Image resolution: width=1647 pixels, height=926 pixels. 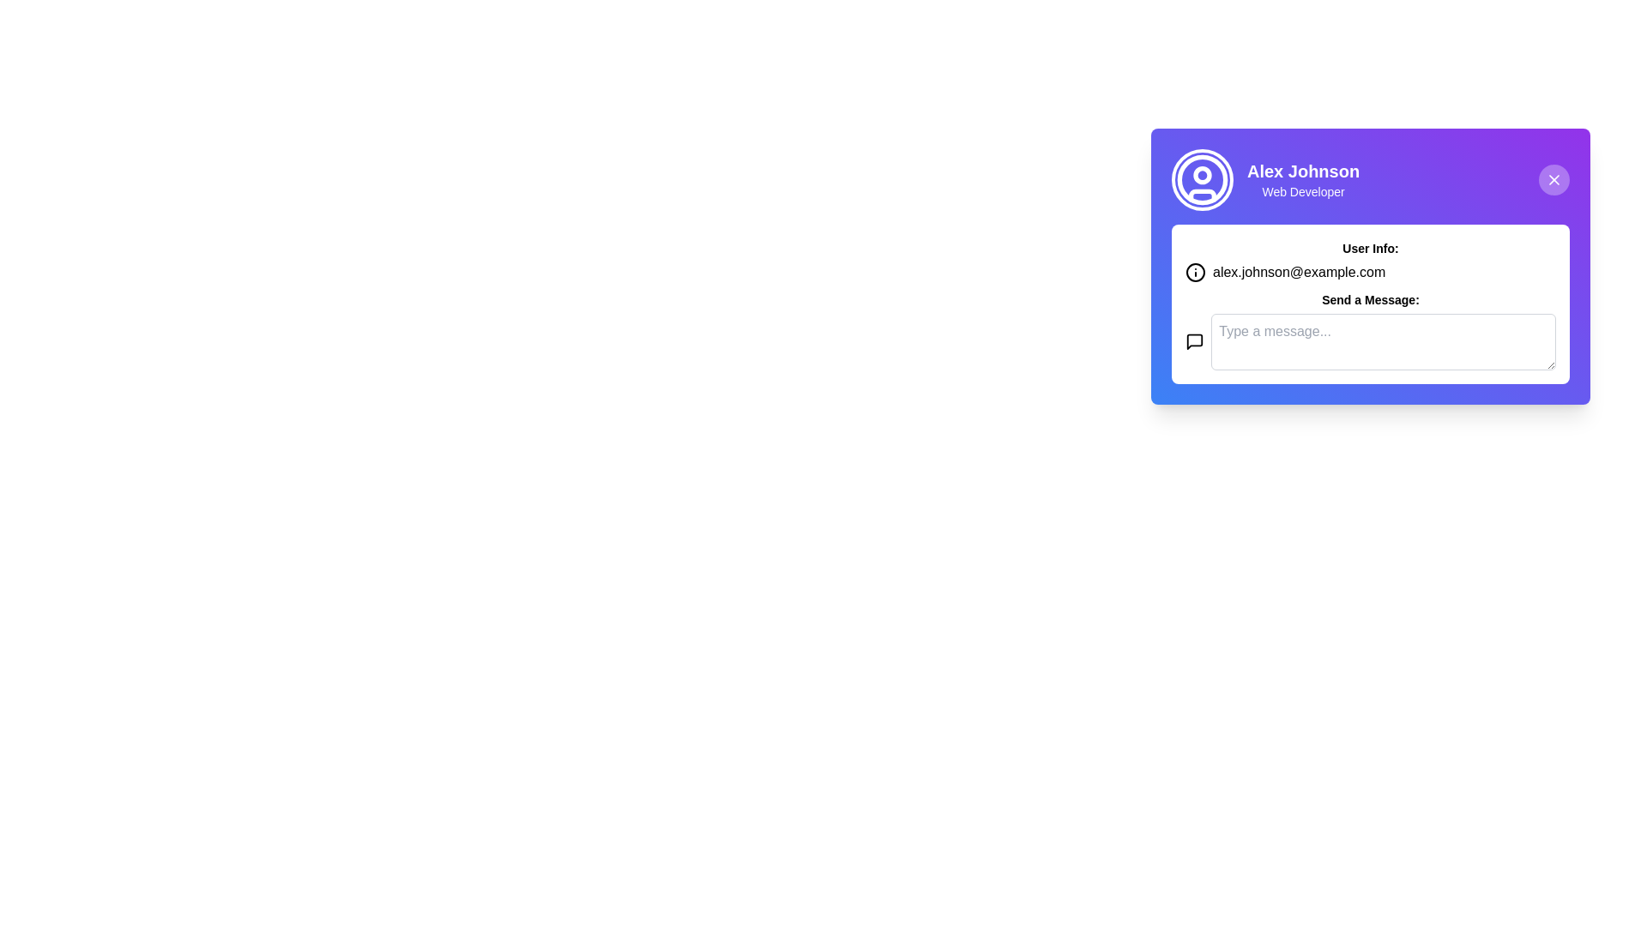 I want to click on the Text Label that serves as a description for the input field used for sending a message, located in the bottom-right section of the main card-like layout, above the text input field, so click(x=1370, y=299).